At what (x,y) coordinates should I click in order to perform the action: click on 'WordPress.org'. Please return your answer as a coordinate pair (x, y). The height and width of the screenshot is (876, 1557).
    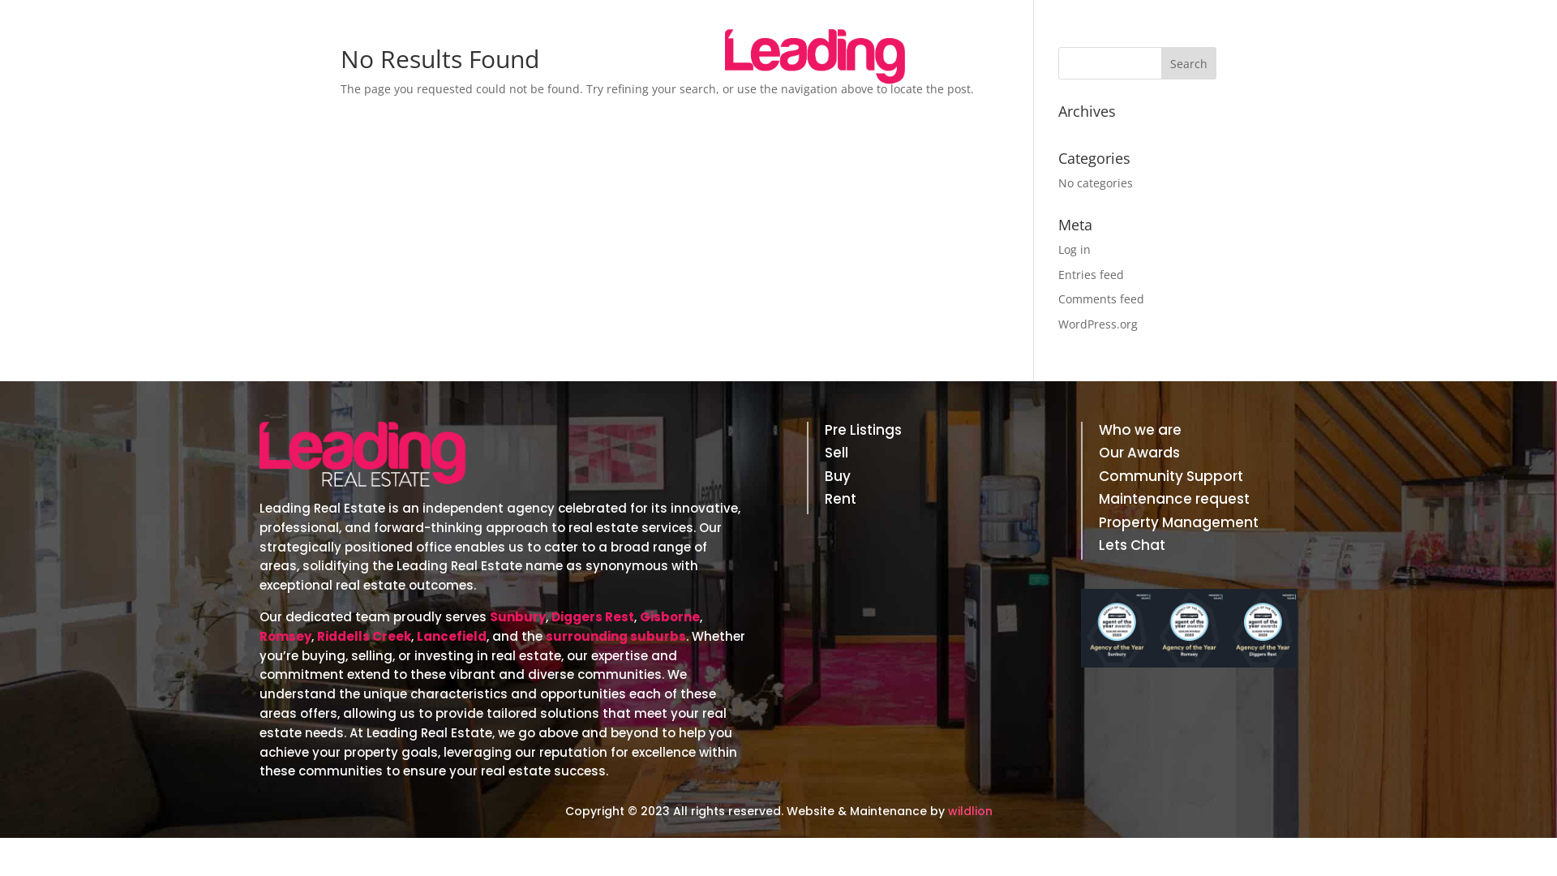
    Looking at the image, I should click on (1097, 324).